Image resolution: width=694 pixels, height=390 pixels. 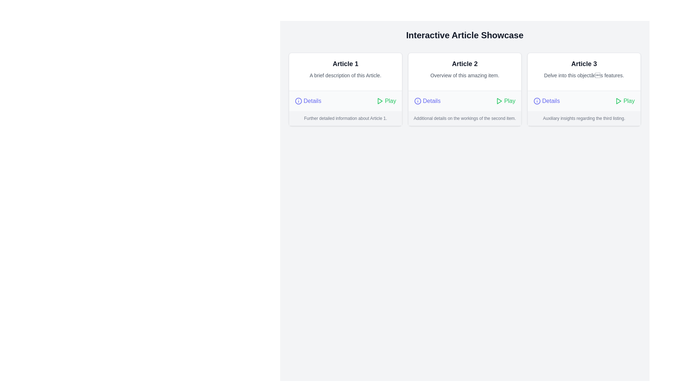 What do you see at coordinates (547, 101) in the screenshot?
I see `the 'Details' hyperlink with an information icon located at the bottom section of the third tile labeled 'Article 3'` at bounding box center [547, 101].